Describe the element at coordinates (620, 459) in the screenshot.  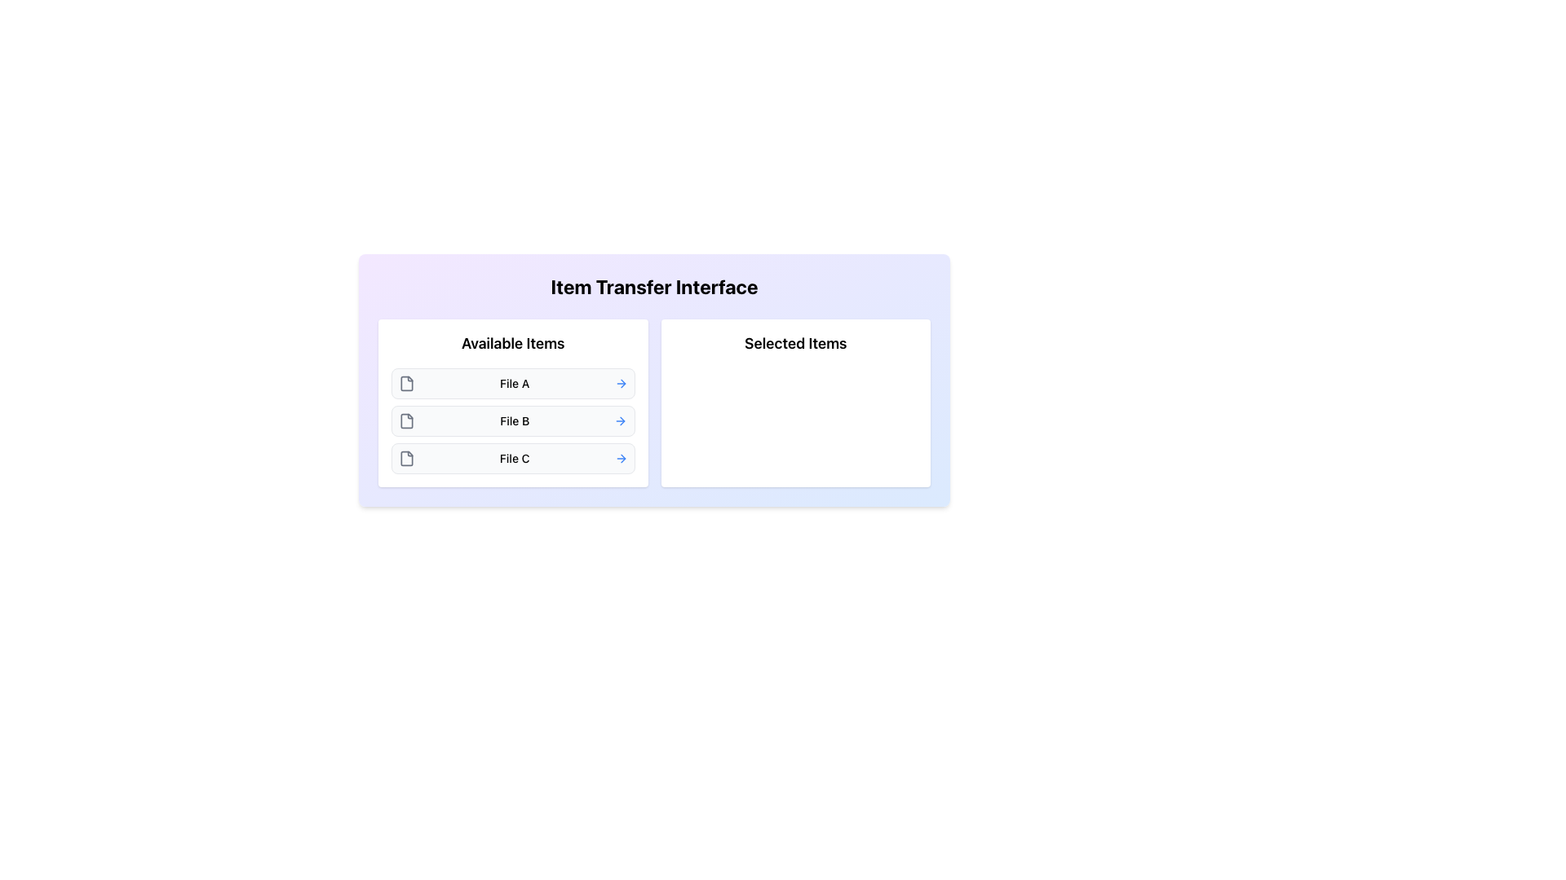
I see `the Interactive Icon (Forward Arrow) located on the far right inside the box labeled 'File C' in the 'Available Items' list to move 'File C' from 'Available' to 'Selected'` at that location.